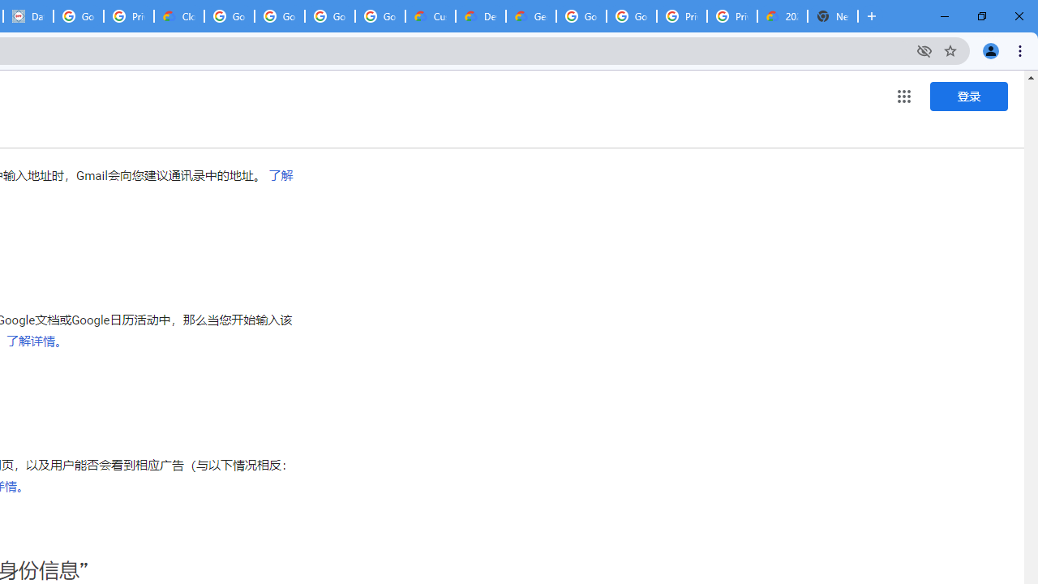 The height and width of the screenshot is (584, 1038). I want to click on 'Gemini for Business and Developers | Google Cloud', so click(530, 16).